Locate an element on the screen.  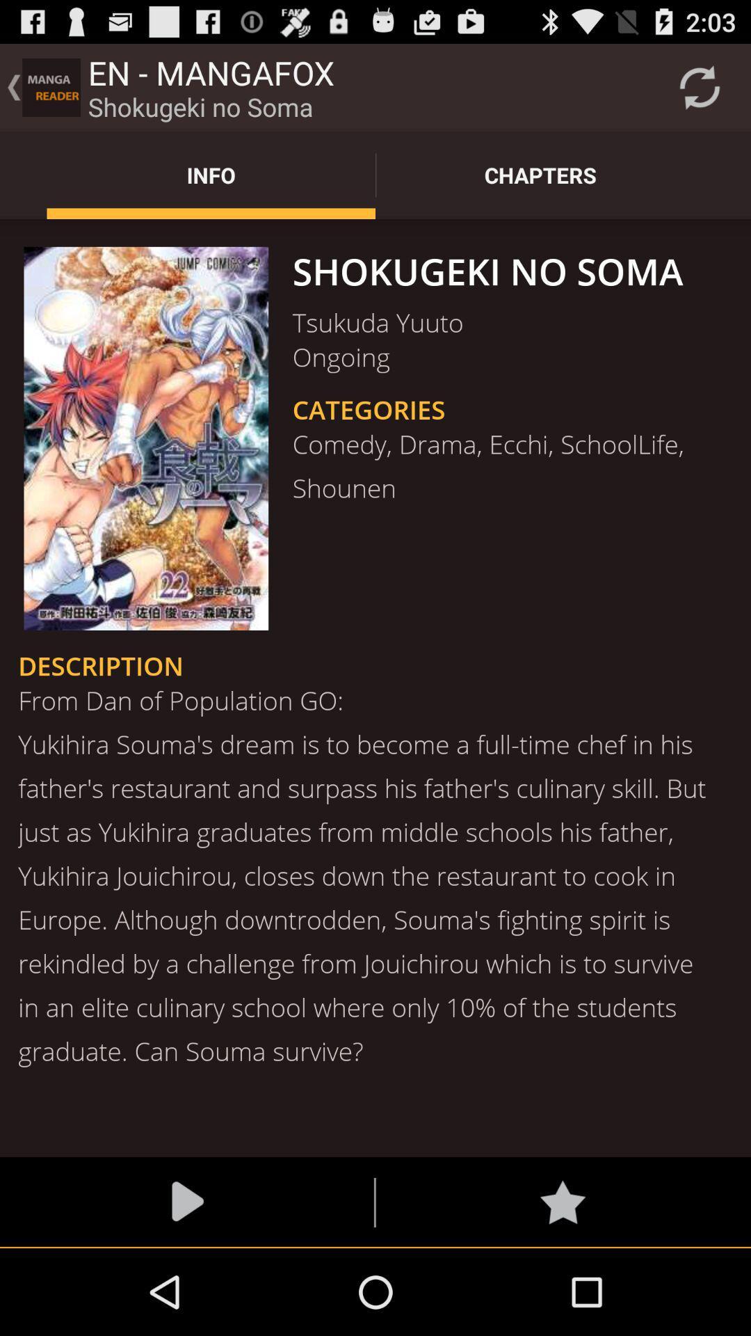
the star icon is located at coordinates (562, 1286).